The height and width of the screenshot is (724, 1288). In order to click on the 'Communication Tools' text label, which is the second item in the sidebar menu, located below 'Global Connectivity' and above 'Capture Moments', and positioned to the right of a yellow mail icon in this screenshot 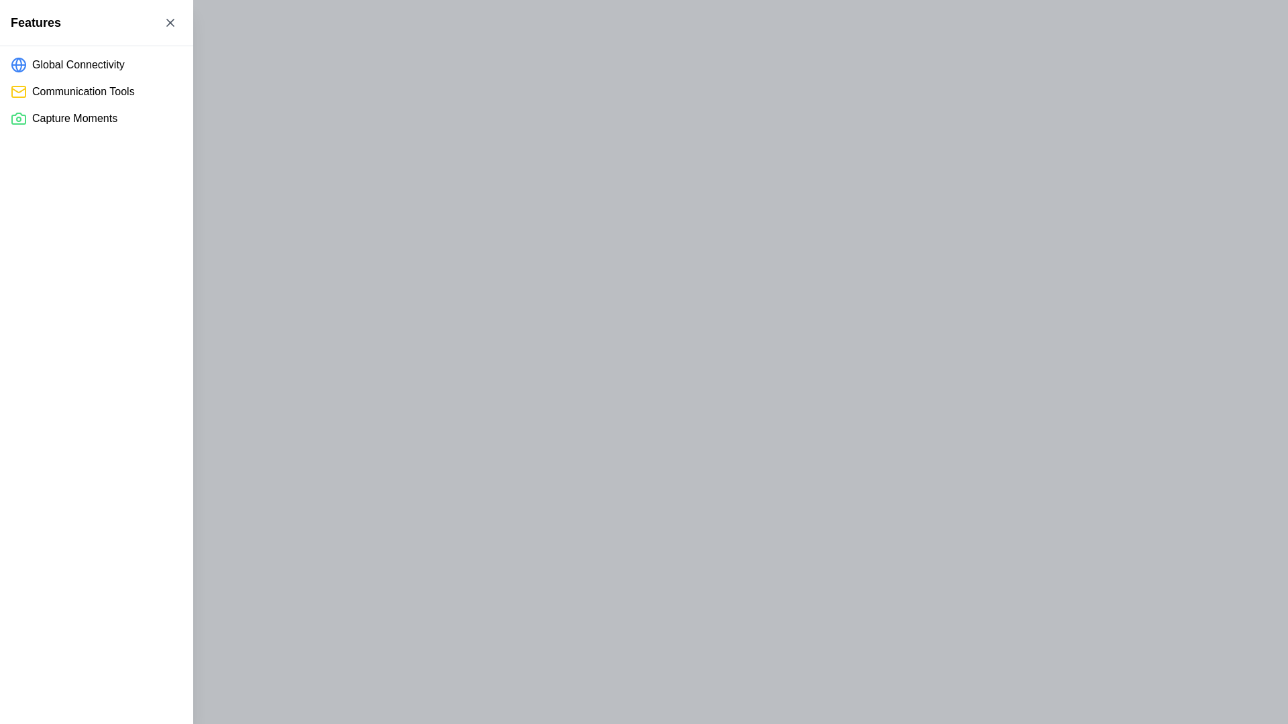, I will do `click(83, 91)`.